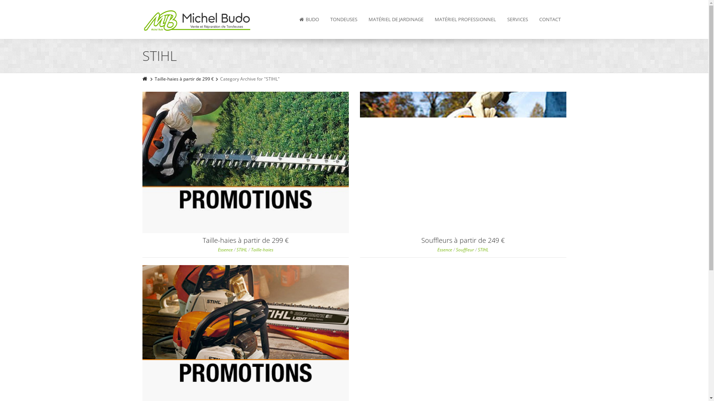 This screenshot has width=714, height=401. What do you see at coordinates (236, 250) in the screenshot?
I see `'STIHL'` at bounding box center [236, 250].